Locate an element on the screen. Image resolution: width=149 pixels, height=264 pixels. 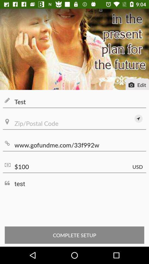
the item above $100 icon is located at coordinates (74, 145).